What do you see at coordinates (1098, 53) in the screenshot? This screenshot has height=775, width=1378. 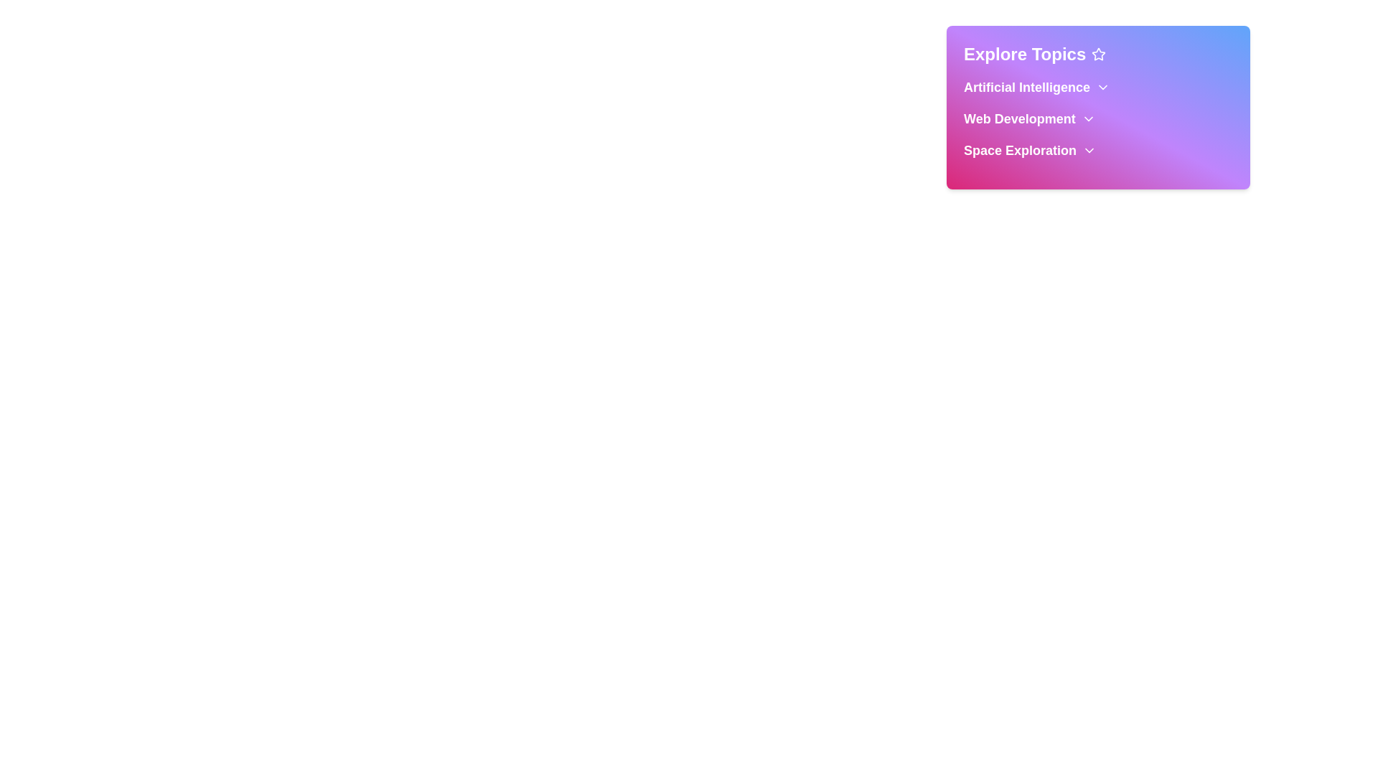 I see `icon located in the purple header titled 'Explore Topics' at the top-right corner of the interface, positioned to the immediate right of the title text` at bounding box center [1098, 53].